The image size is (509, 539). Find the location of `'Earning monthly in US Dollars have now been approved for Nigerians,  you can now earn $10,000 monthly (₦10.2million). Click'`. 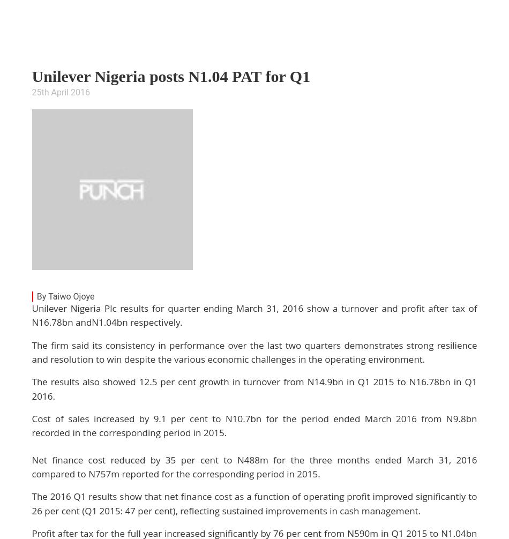

'Earning monthly in US Dollars have now been approved for Nigerians,  you can now earn $10,000 monthly (₦10.2million). Click' is located at coordinates (250, 101).